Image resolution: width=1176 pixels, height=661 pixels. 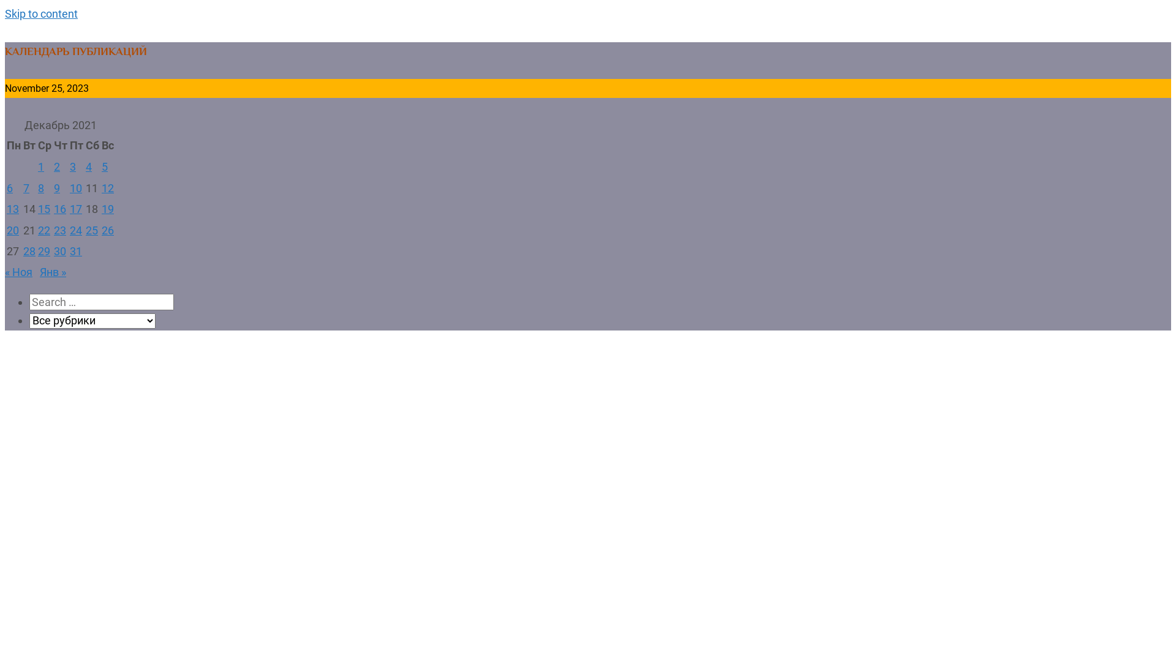 I want to click on '15', so click(x=44, y=208).